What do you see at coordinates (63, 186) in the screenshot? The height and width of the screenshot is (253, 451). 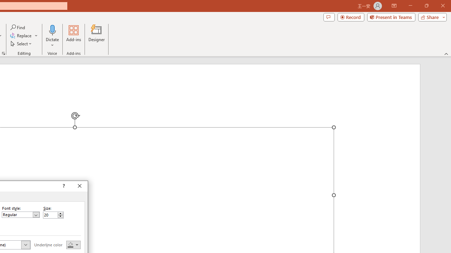 I see `'Context help'` at bounding box center [63, 186].